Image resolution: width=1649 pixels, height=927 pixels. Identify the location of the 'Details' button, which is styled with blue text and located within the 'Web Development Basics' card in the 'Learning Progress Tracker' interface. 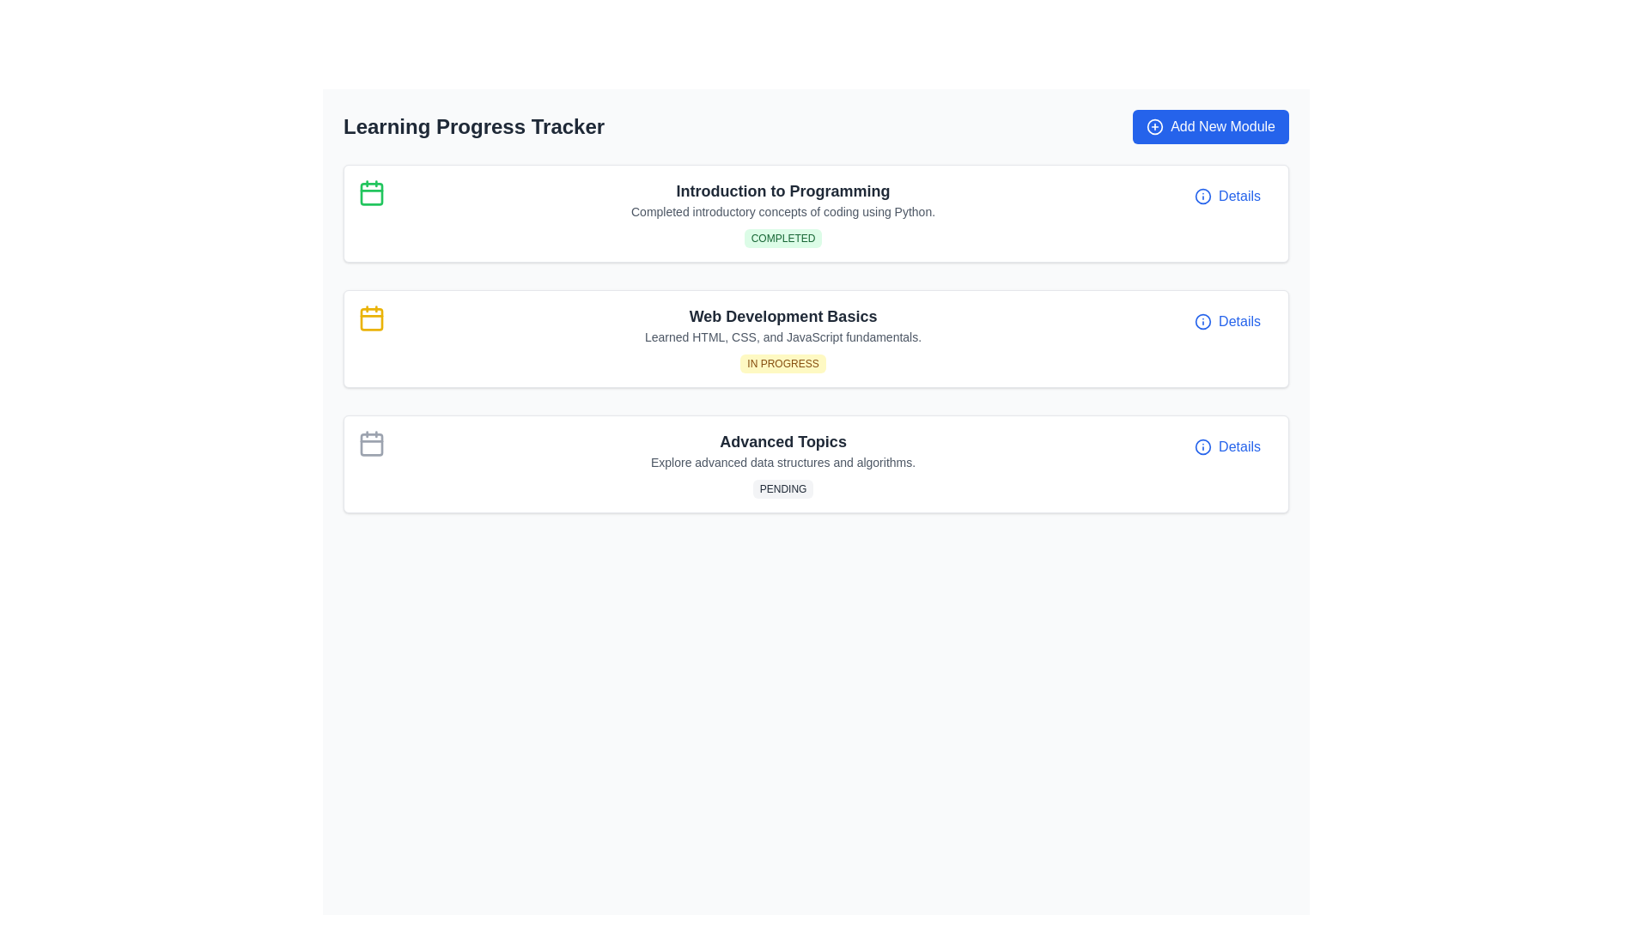
(1226, 321).